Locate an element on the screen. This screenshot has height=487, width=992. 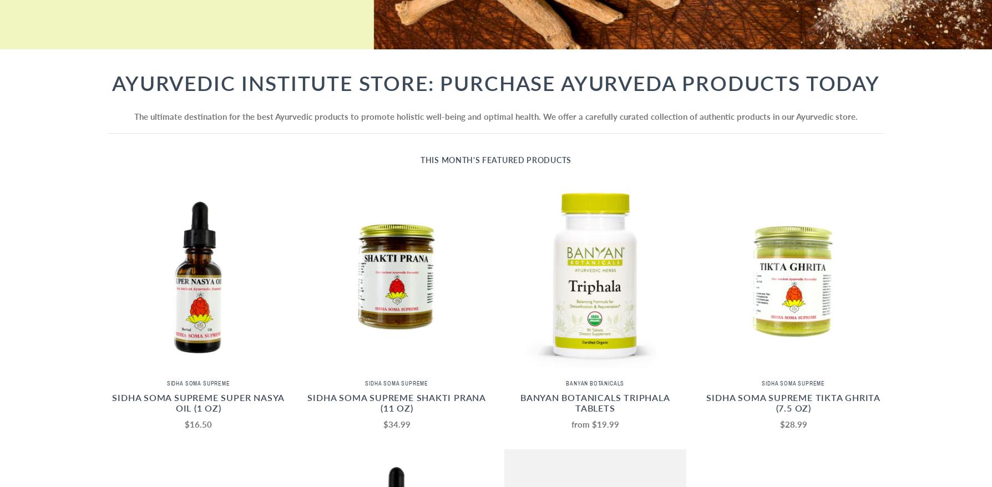
'Banyan Botanicals Triphala Tablets' is located at coordinates (595, 402).